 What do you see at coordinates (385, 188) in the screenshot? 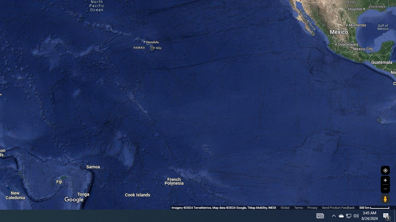
I see `'Zoom out'` at bounding box center [385, 188].